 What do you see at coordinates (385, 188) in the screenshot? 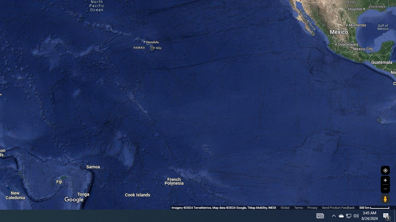
I see `'Zoom out'` at bounding box center [385, 188].